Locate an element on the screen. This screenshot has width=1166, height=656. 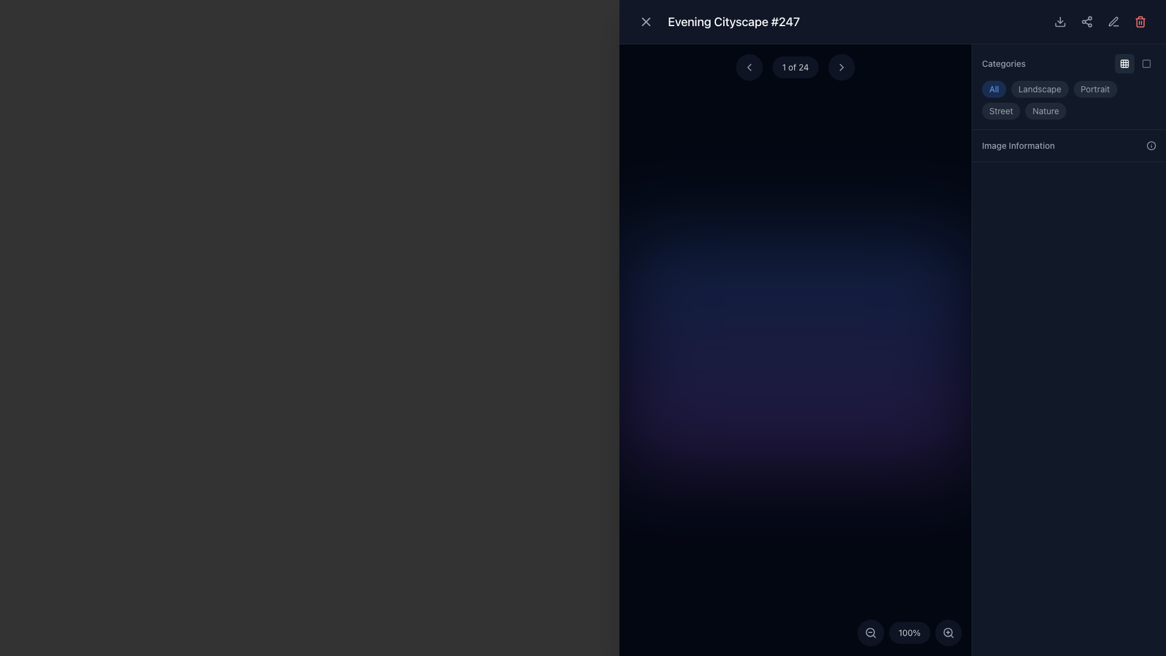
the left-facing chevron icon, which is styled with a thin outline and enclosed in a dark, rounded square button is located at coordinates (748, 67).